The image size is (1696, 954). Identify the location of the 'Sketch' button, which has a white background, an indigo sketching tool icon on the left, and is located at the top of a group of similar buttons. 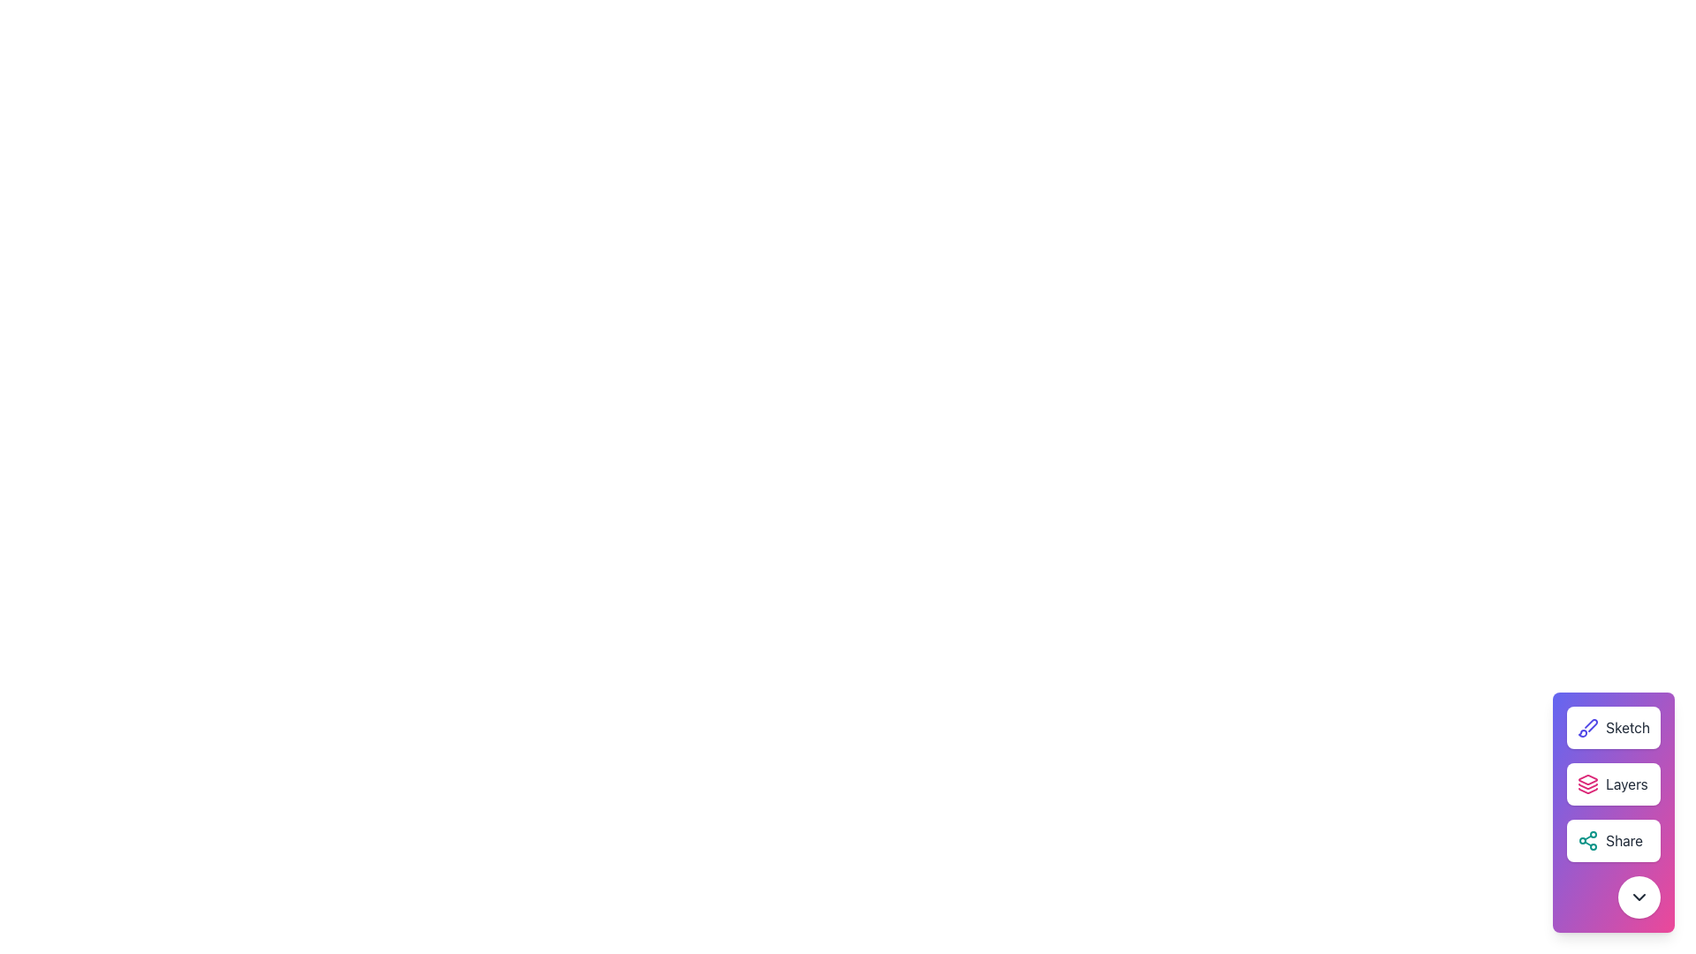
(1614, 728).